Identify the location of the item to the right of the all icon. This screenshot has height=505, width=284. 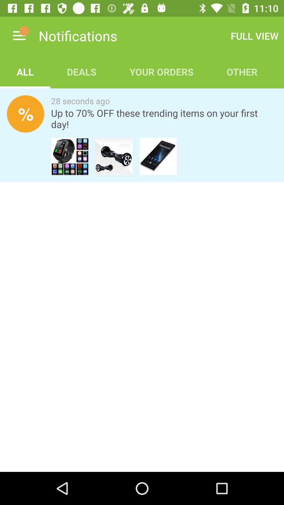
(82, 72).